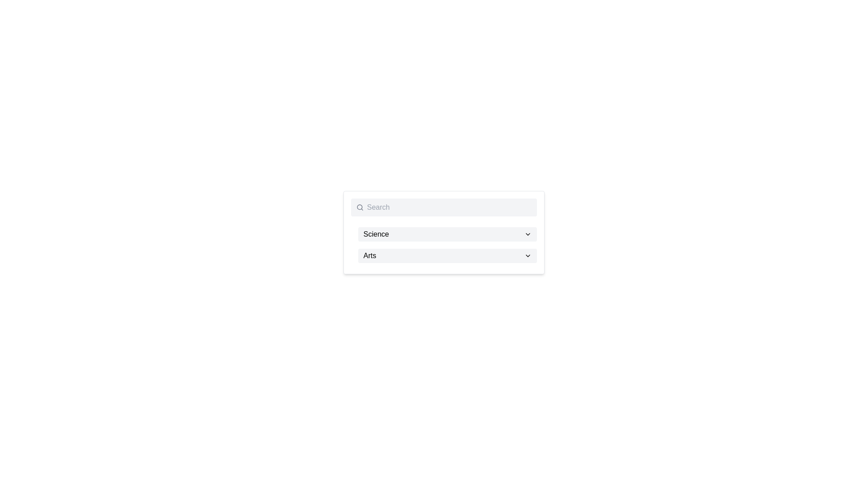 This screenshot has width=862, height=484. I want to click on the downward-facing chevron icon located at the right end of the horizontal strip labeled 'Arts', so click(528, 255).